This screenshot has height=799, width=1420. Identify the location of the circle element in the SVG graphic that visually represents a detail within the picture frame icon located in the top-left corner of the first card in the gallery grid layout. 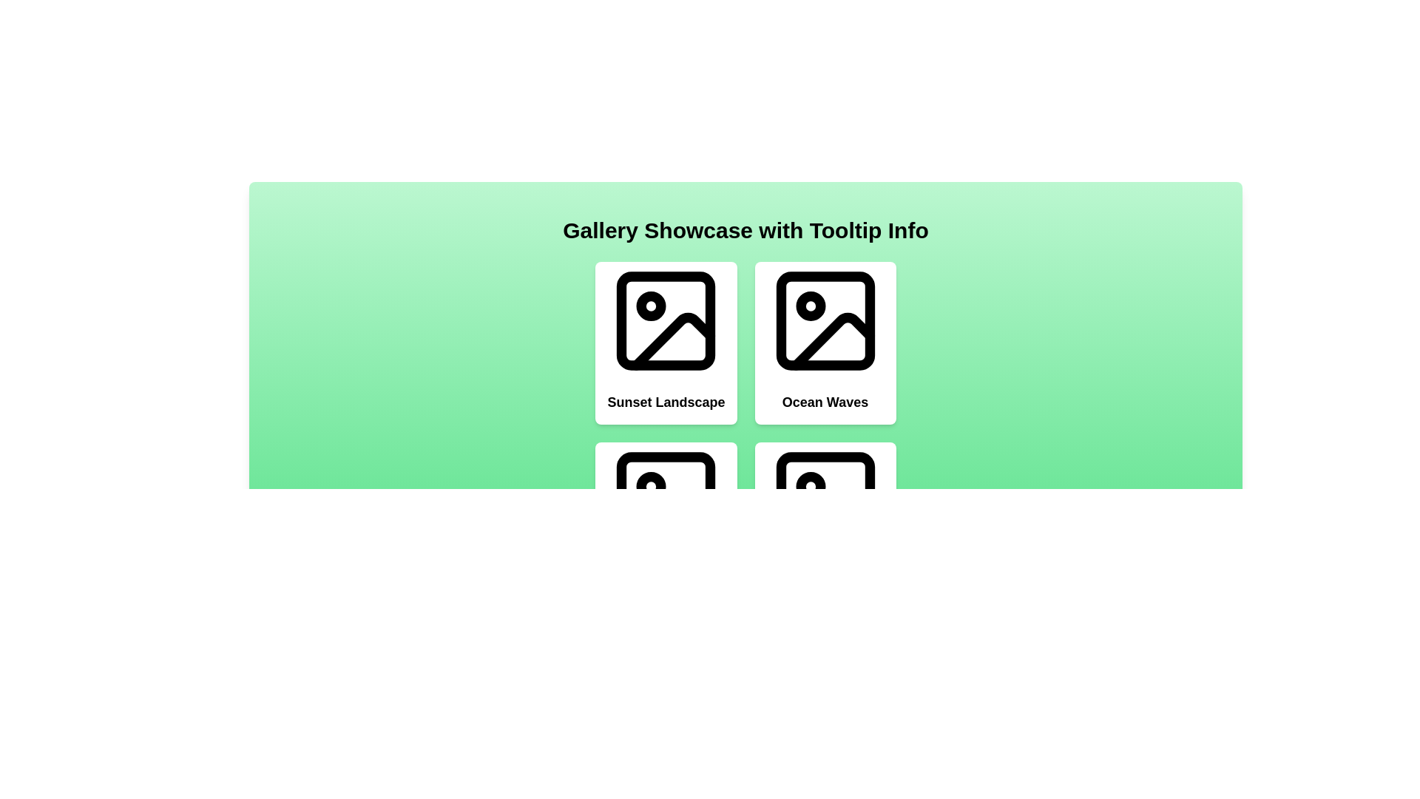
(651, 305).